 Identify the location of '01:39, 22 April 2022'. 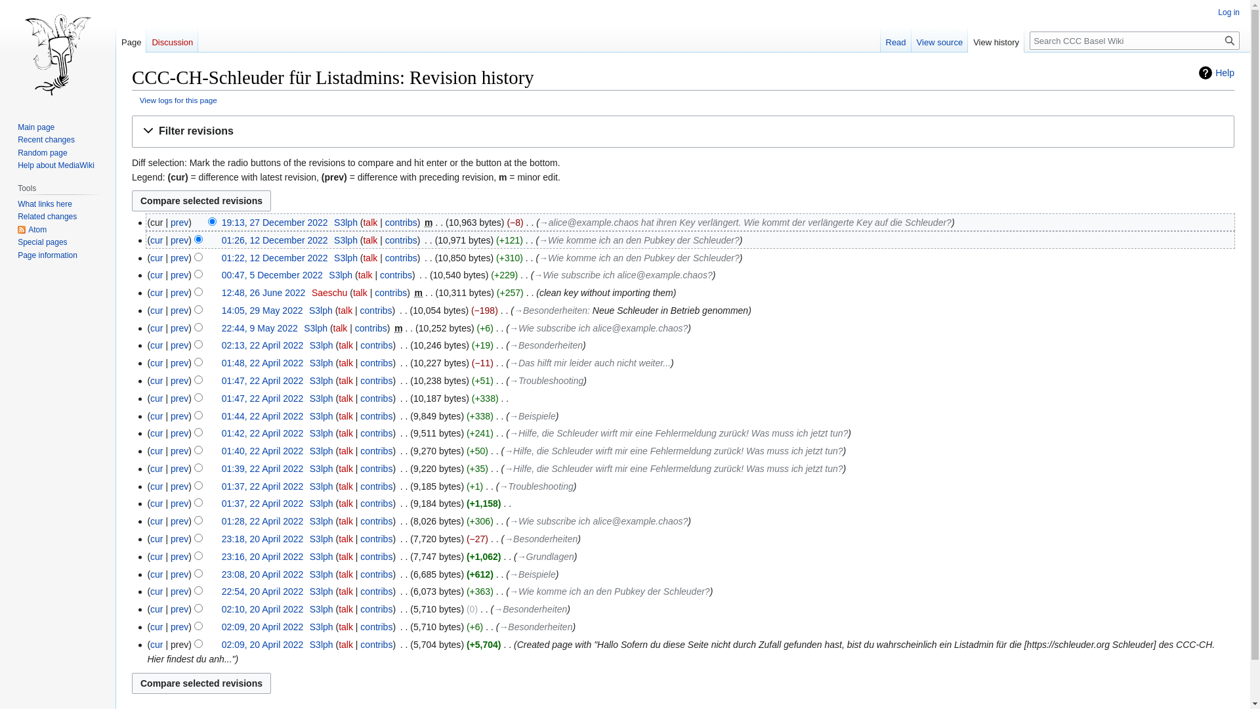
(221, 467).